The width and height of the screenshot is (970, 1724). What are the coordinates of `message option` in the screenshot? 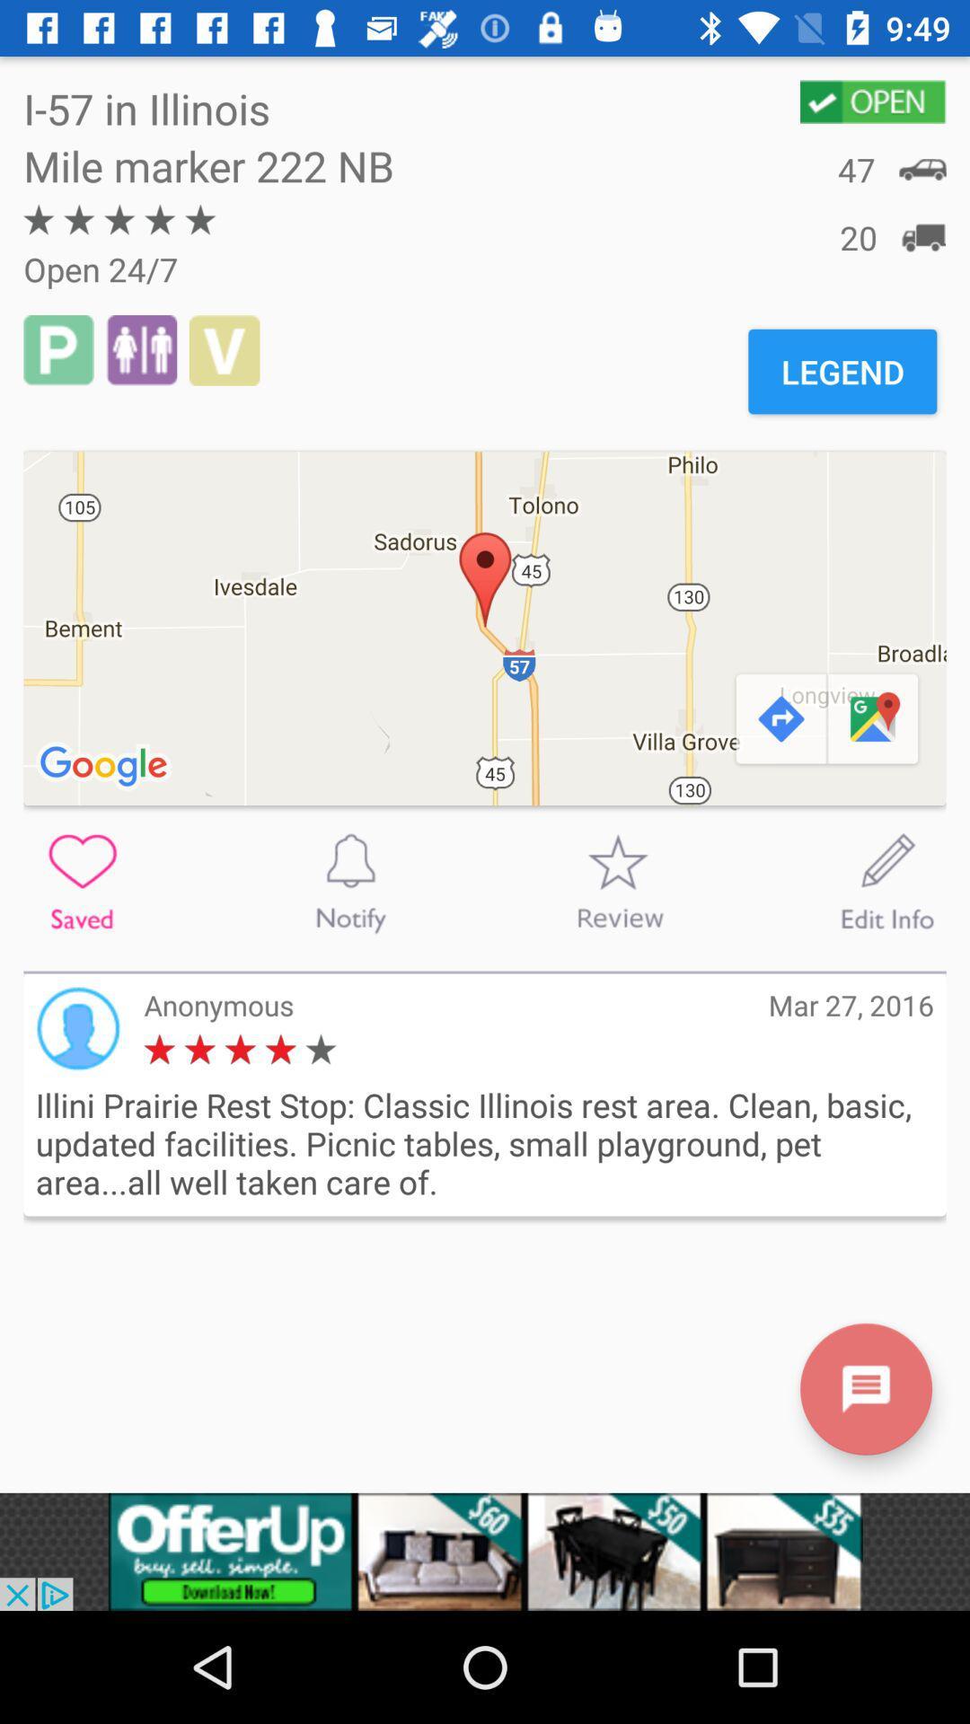 It's located at (865, 1388).